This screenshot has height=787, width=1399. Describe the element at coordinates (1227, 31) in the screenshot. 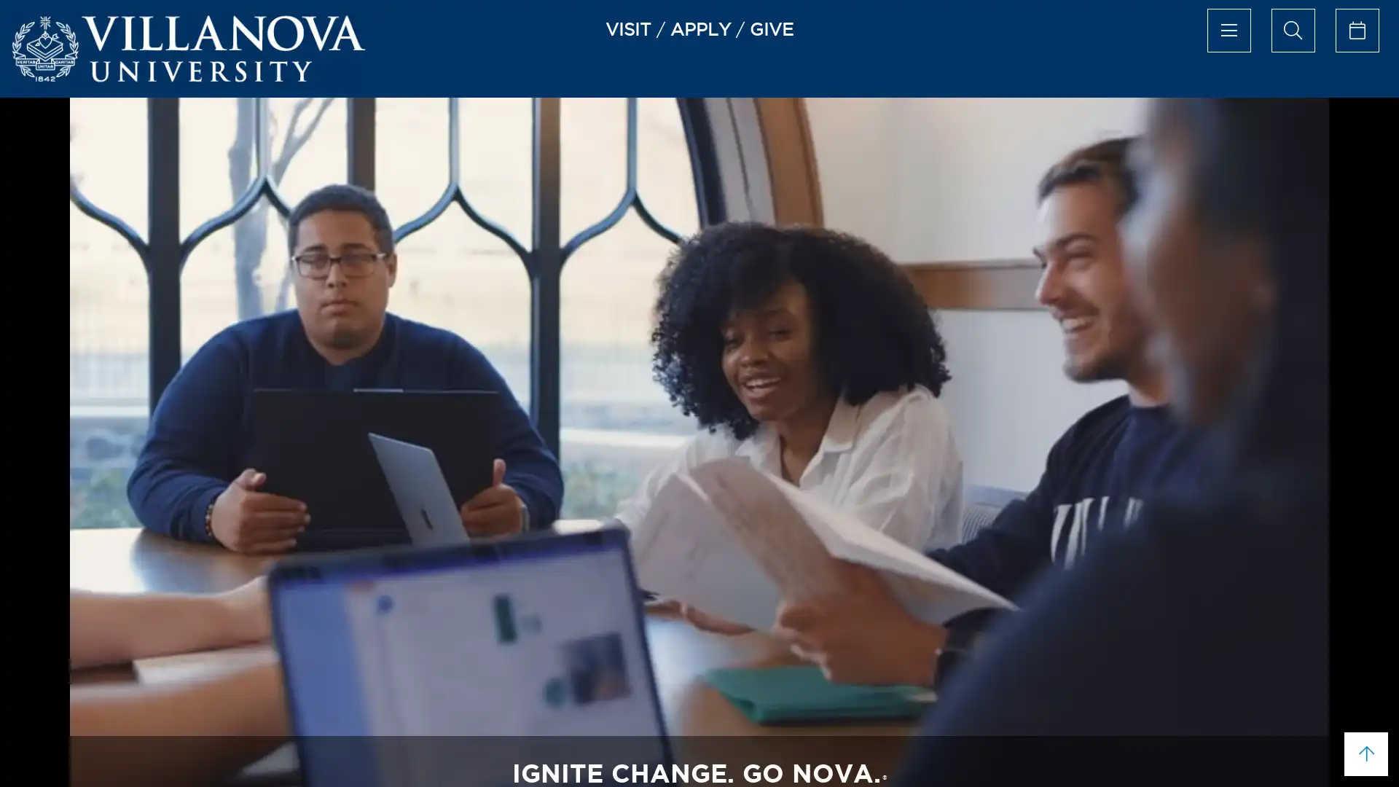

I see `main menu` at that location.